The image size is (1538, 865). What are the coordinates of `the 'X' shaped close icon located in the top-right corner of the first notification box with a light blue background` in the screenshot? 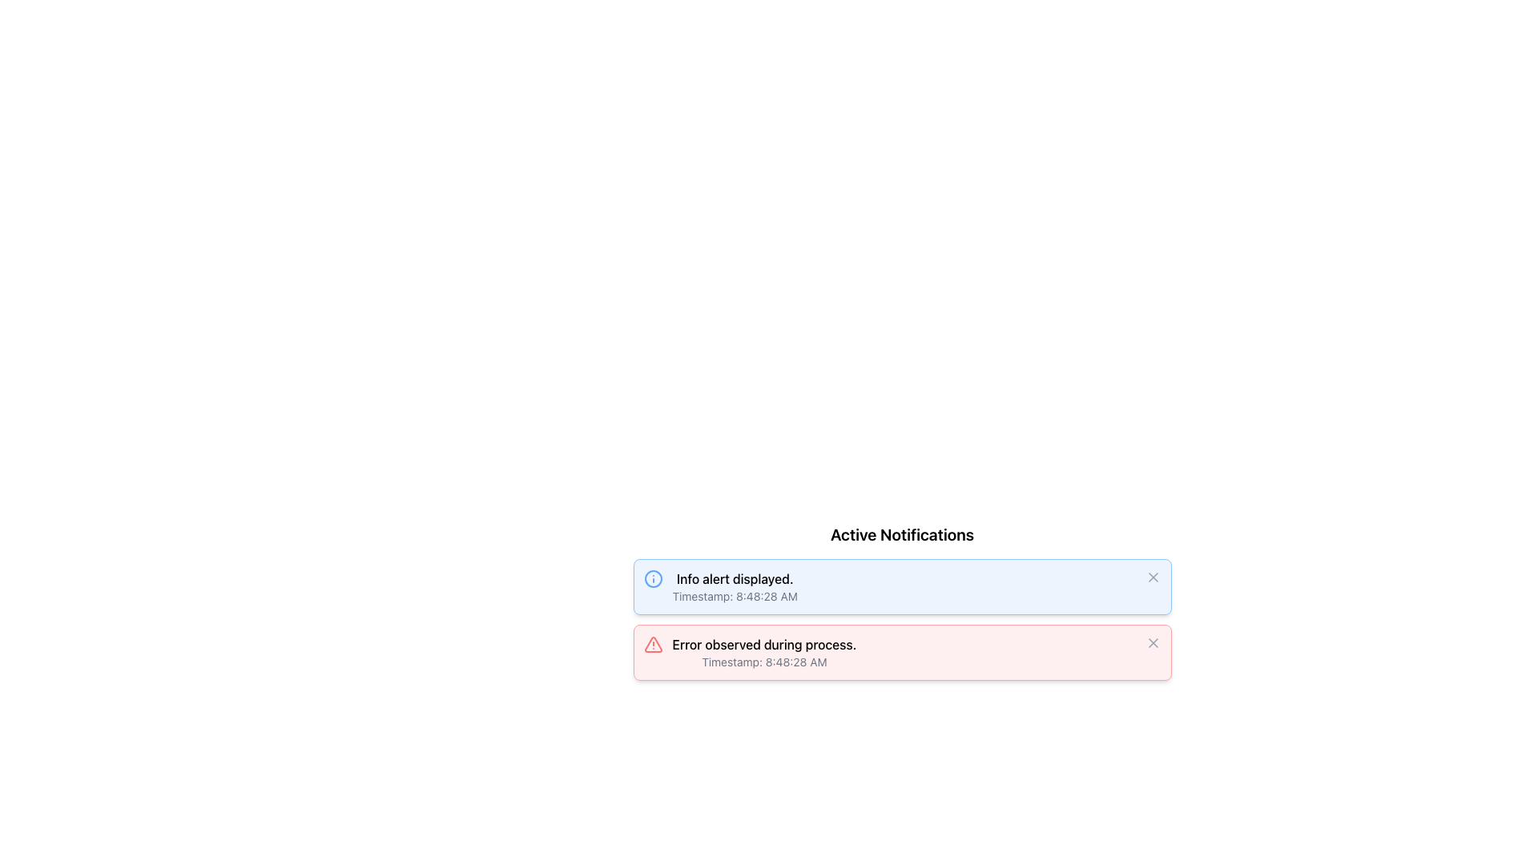 It's located at (1152, 577).